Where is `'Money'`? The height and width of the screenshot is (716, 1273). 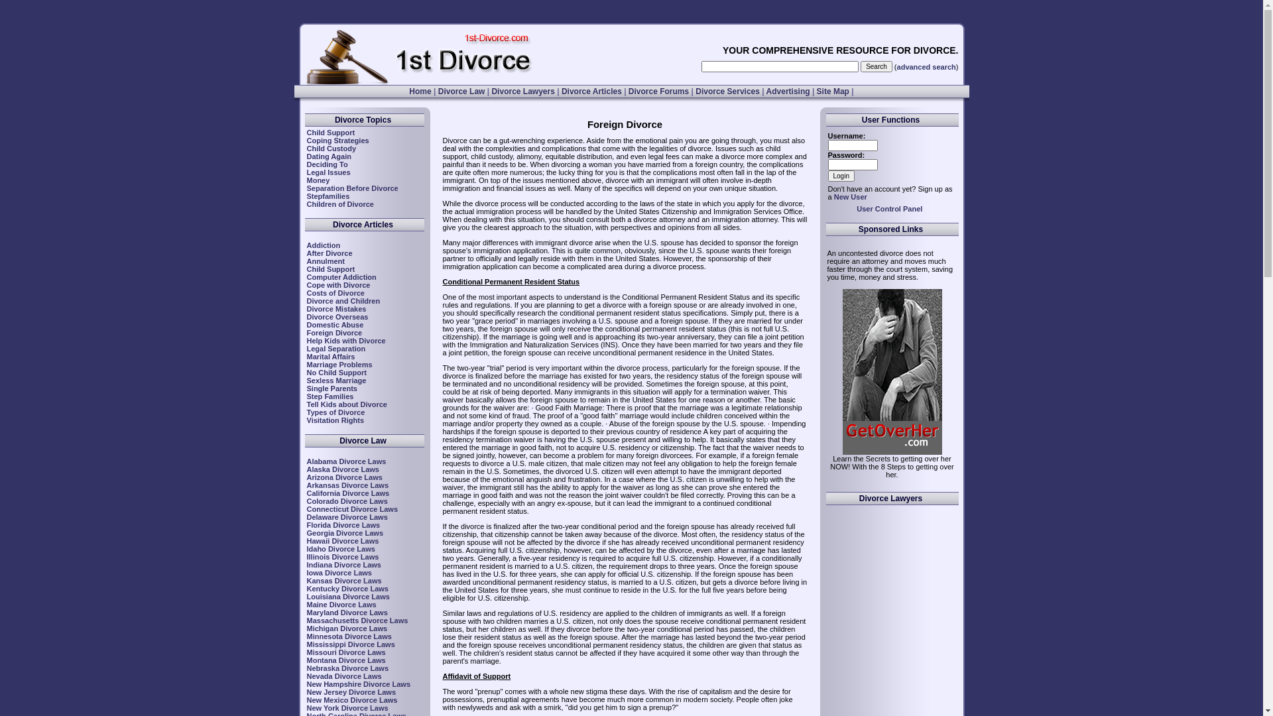 'Money' is located at coordinates (317, 180).